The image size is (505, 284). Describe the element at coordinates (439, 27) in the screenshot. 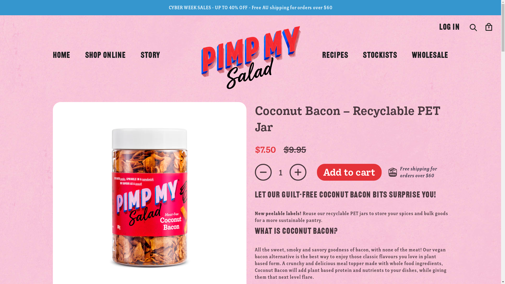

I see `'Log in'` at that location.